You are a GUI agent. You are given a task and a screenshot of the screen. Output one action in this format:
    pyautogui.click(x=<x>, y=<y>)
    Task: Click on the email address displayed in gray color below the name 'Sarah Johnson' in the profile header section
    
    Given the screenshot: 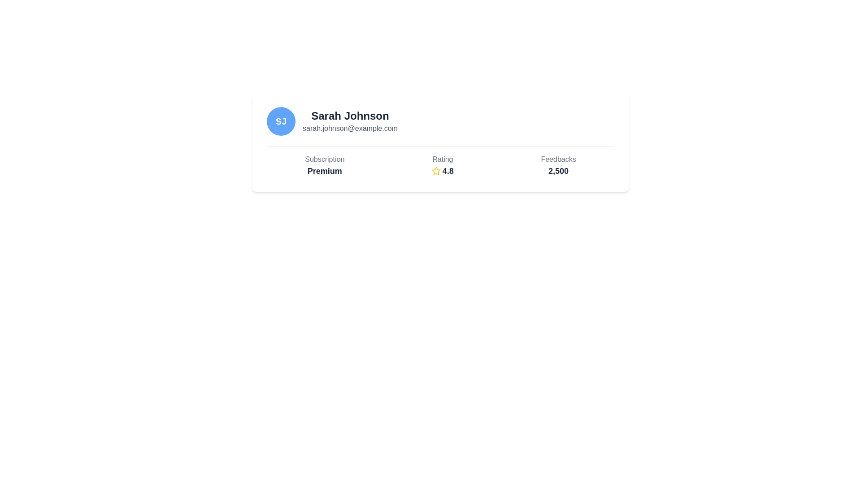 What is the action you would take?
    pyautogui.click(x=349, y=128)
    